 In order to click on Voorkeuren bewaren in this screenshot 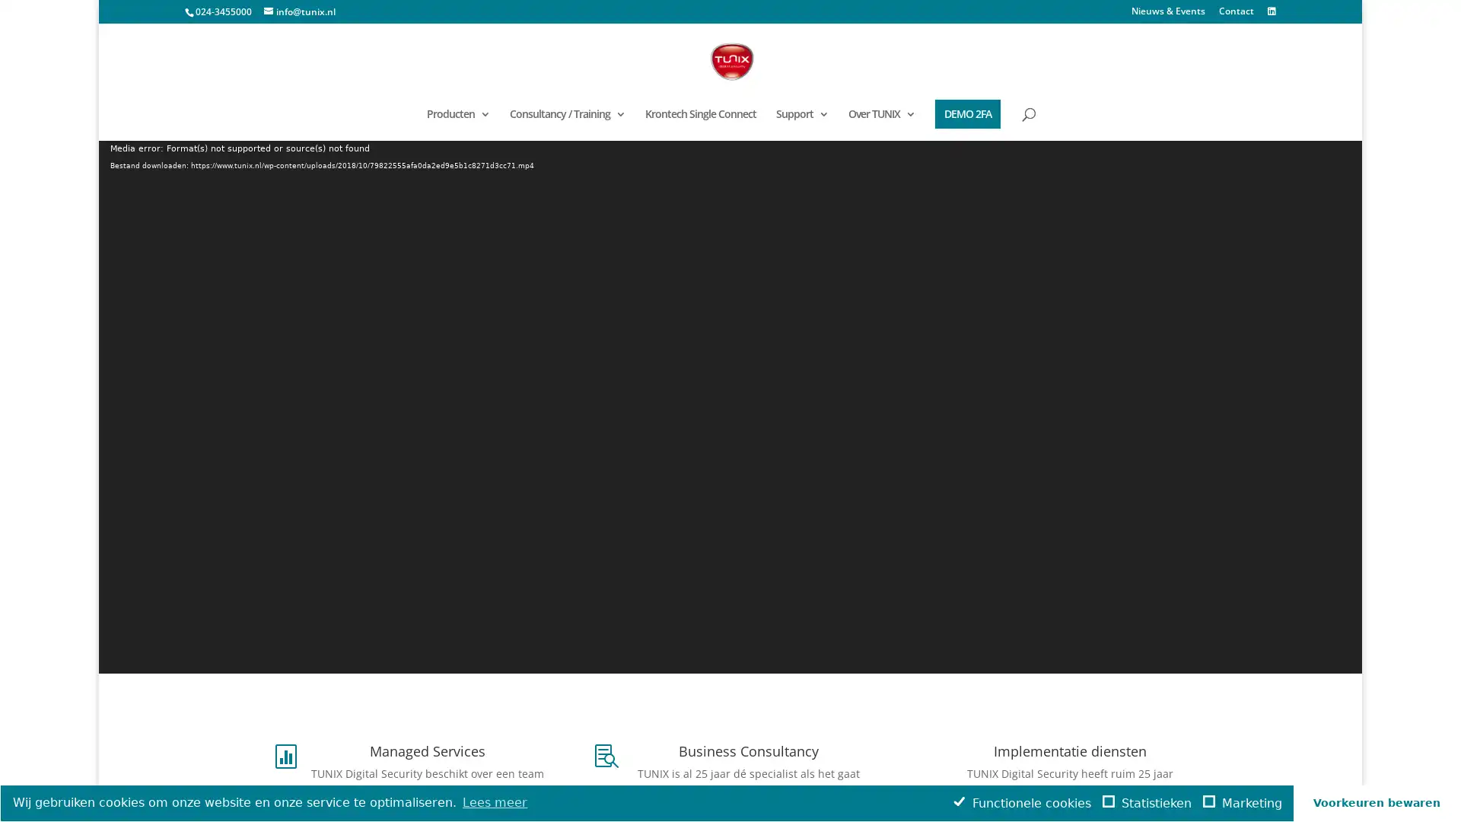, I will do `click(1377, 802)`.